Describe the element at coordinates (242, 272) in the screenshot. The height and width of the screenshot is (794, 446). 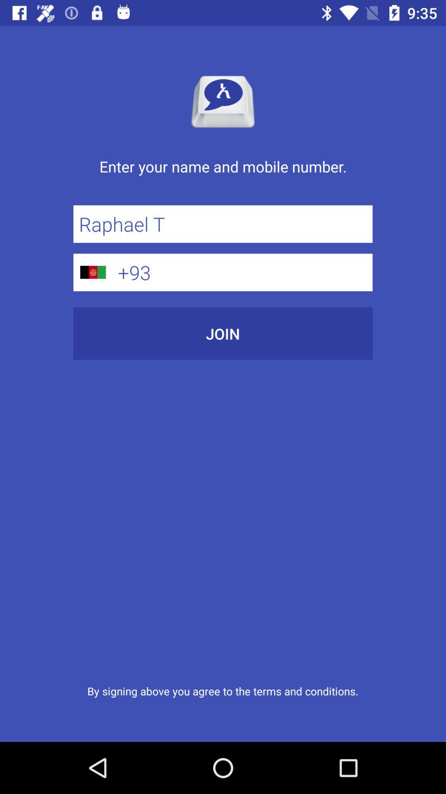
I see `+93` at that location.